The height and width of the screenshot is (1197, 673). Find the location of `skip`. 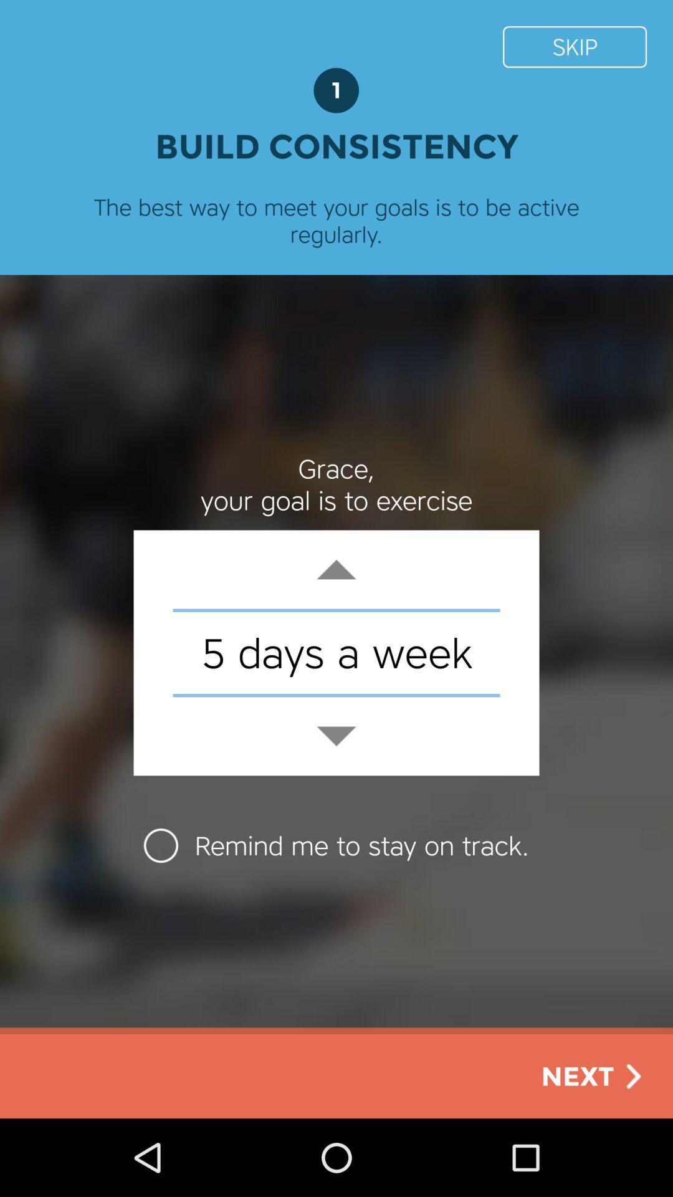

skip is located at coordinates (575, 47).